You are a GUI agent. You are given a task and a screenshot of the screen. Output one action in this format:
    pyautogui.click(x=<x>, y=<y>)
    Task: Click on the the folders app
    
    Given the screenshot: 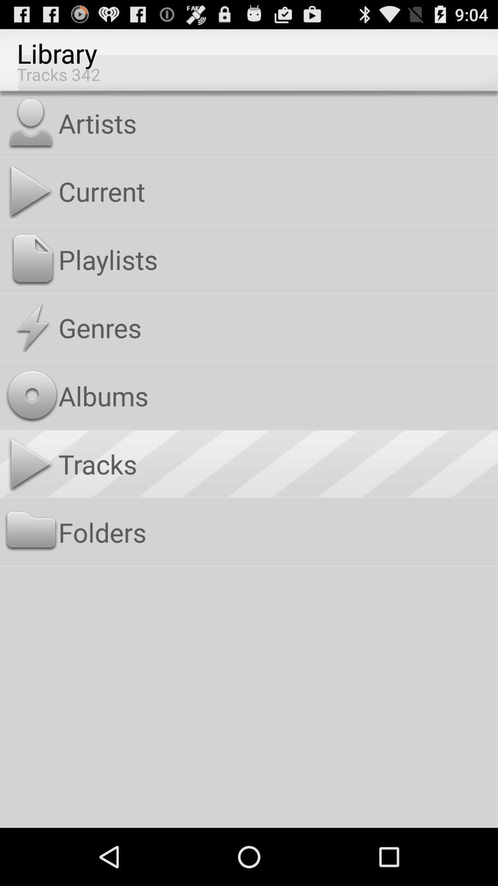 What is the action you would take?
    pyautogui.click(x=276, y=532)
    